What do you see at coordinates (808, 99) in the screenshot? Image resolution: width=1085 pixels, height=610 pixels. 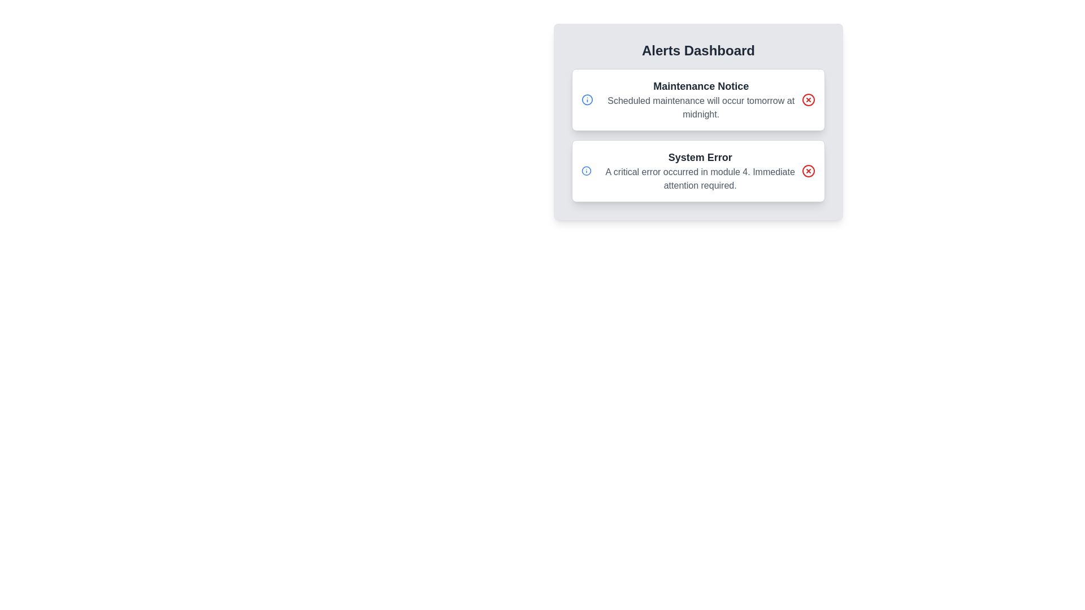 I see `the red circular SVG element located in the right-side area of the 'Maintenance Notice' alert box` at bounding box center [808, 99].